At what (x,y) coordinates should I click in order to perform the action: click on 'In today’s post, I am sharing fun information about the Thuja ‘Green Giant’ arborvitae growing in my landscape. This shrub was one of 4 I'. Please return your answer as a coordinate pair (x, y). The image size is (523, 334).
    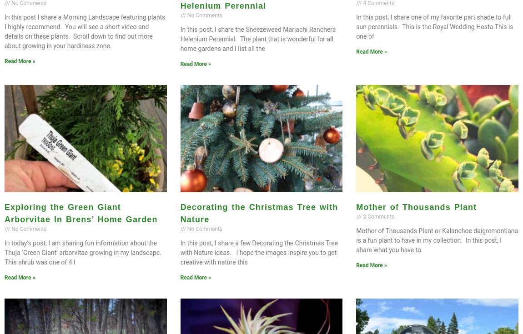
    Looking at the image, I should click on (4, 252).